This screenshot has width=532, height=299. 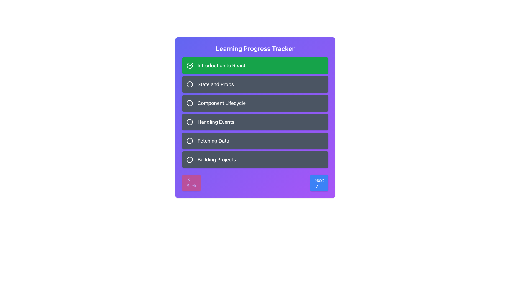 I want to click on the completion icon located to the left of the text in the green background box titled 'Introduction to React', which indicates success for the list item, so click(x=190, y=65).